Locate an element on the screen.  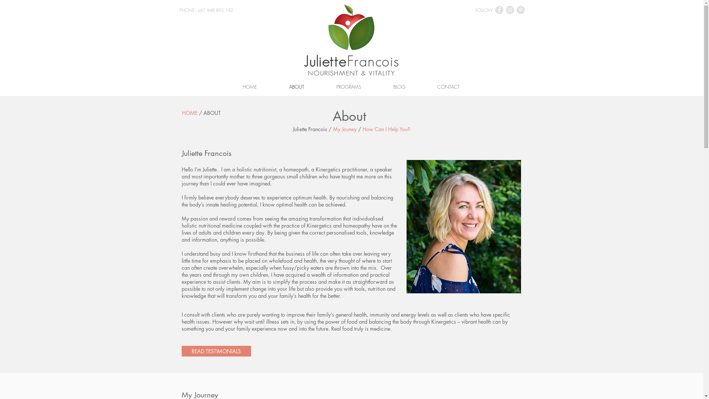
'PROGRAMS' is located at coordinates (349, 86).